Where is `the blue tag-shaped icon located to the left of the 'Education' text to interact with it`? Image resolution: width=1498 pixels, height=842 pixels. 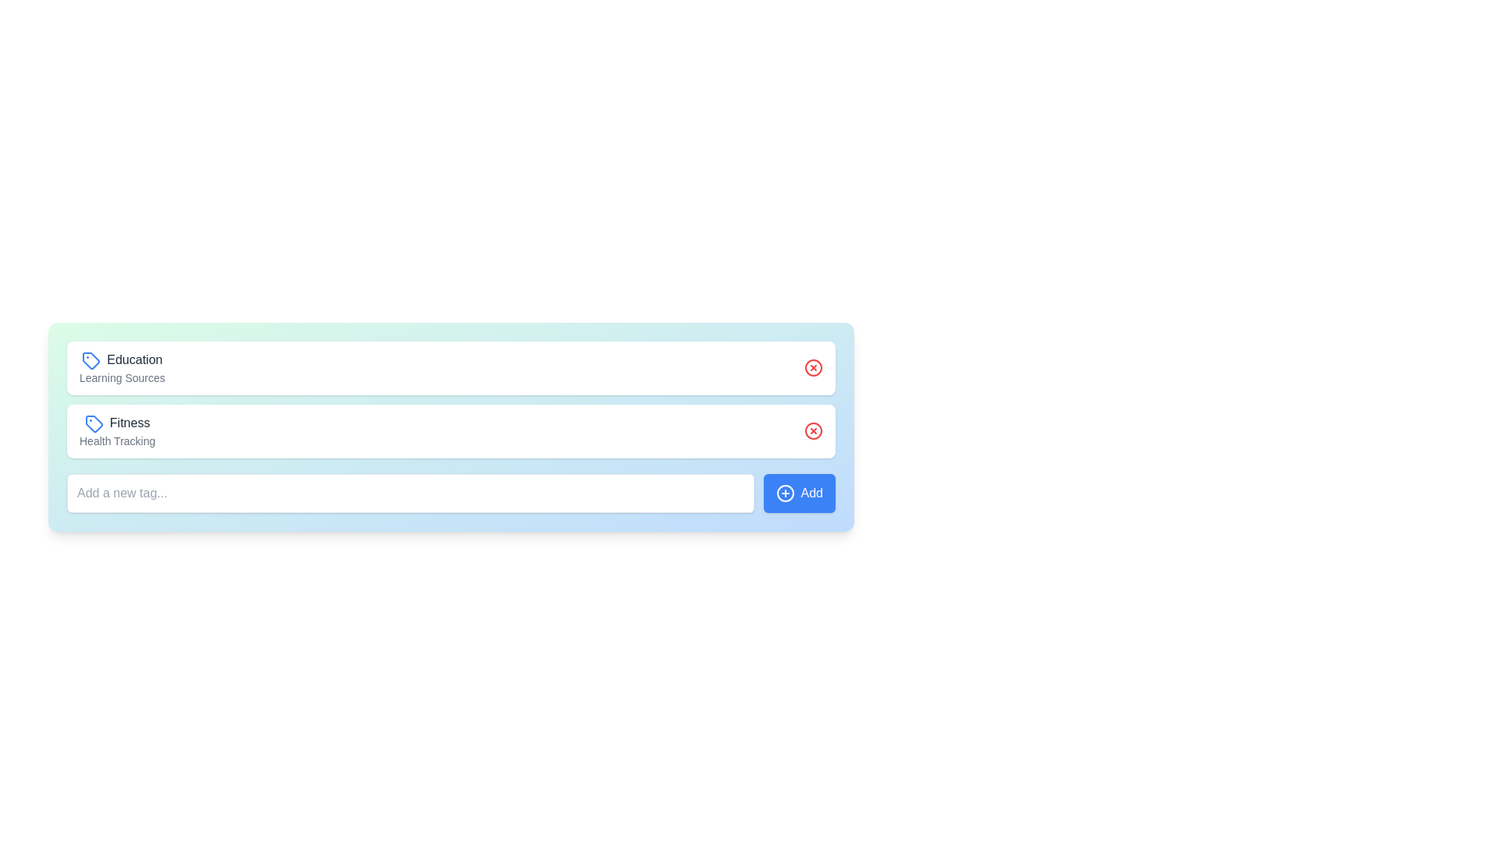
the blue tag-shaped icon located to the left of the 'Education' text to interact with it is located at coordinates (90, 360).